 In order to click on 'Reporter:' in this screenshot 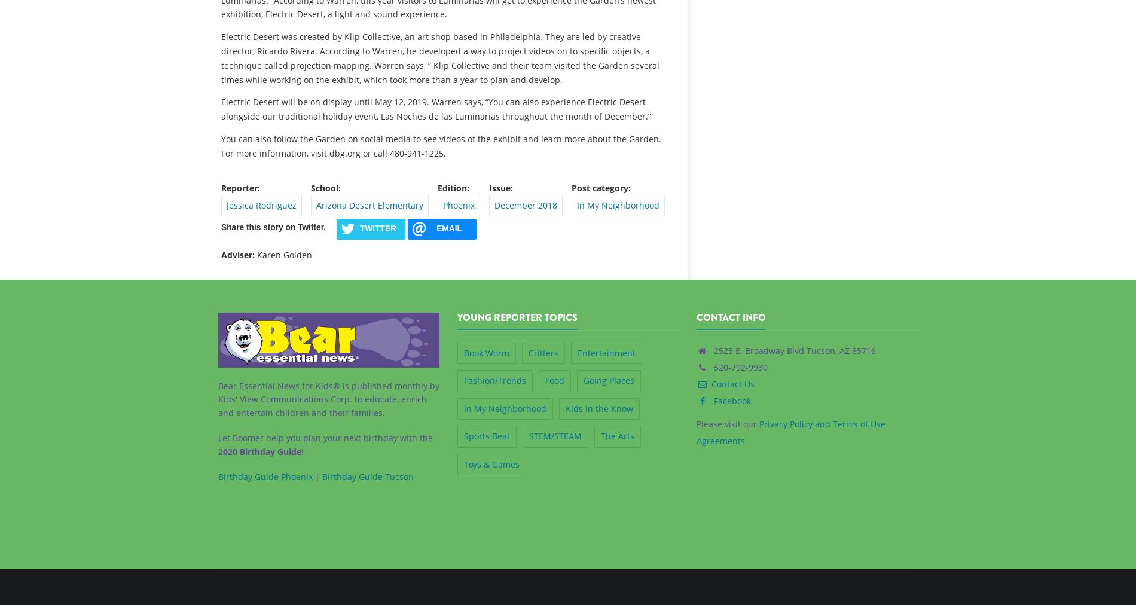, I will do `click(241, 187)`.